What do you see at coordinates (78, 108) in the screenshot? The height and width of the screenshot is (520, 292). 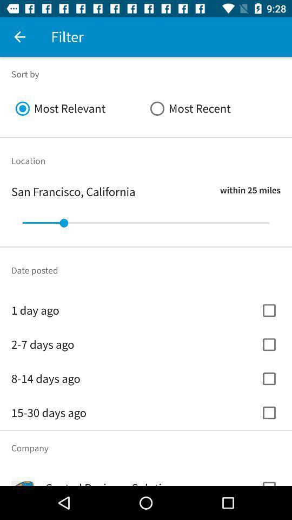 I see `the item to the left of most recent item` at bounding box center [78, 108].